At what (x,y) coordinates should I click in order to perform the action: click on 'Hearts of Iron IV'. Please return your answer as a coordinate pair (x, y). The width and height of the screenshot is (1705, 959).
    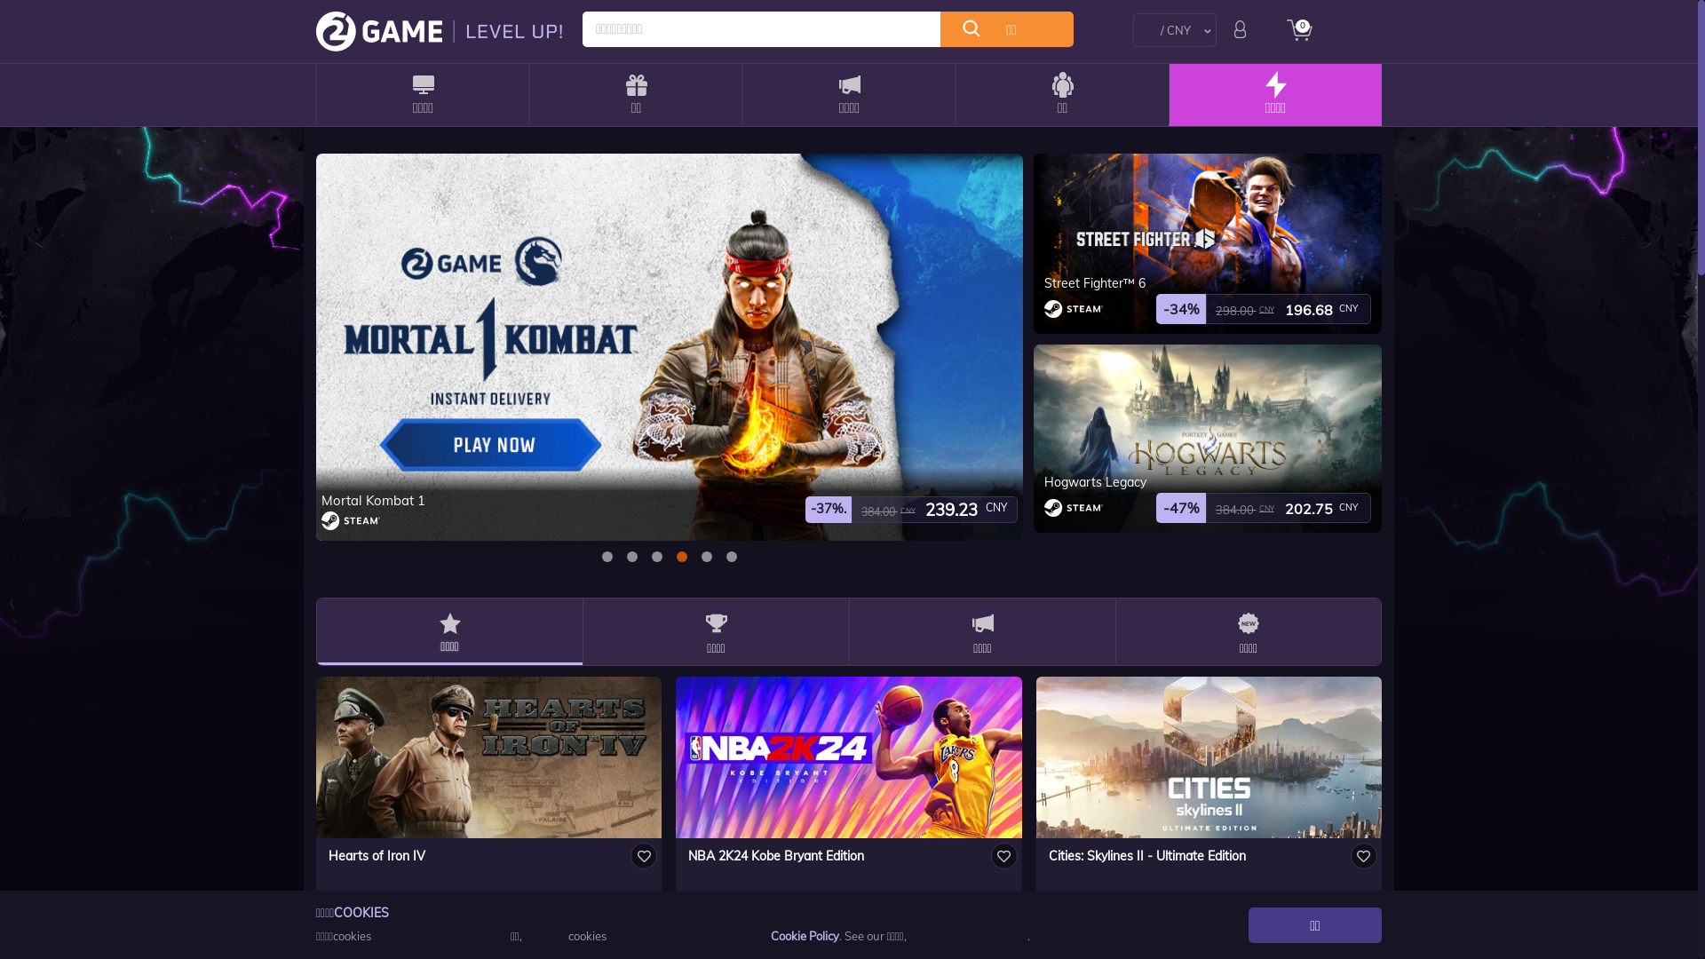
    Looking at the image, I should click on (328, 855).